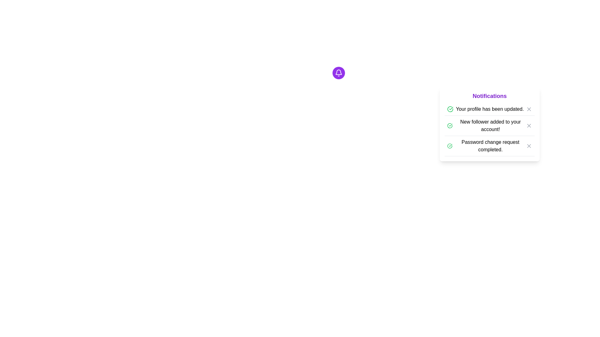 This screenshot has height=337, width=600. What do you see at coordinates (489, 109) in the screenshot?
I see `the Notification entry displaying 'Your profile has been updated.'` at bounding box center [489, 109].